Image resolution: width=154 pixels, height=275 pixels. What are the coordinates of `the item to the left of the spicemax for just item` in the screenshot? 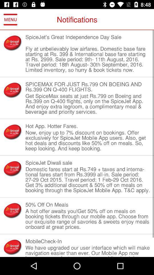 It's located at (13, 90).